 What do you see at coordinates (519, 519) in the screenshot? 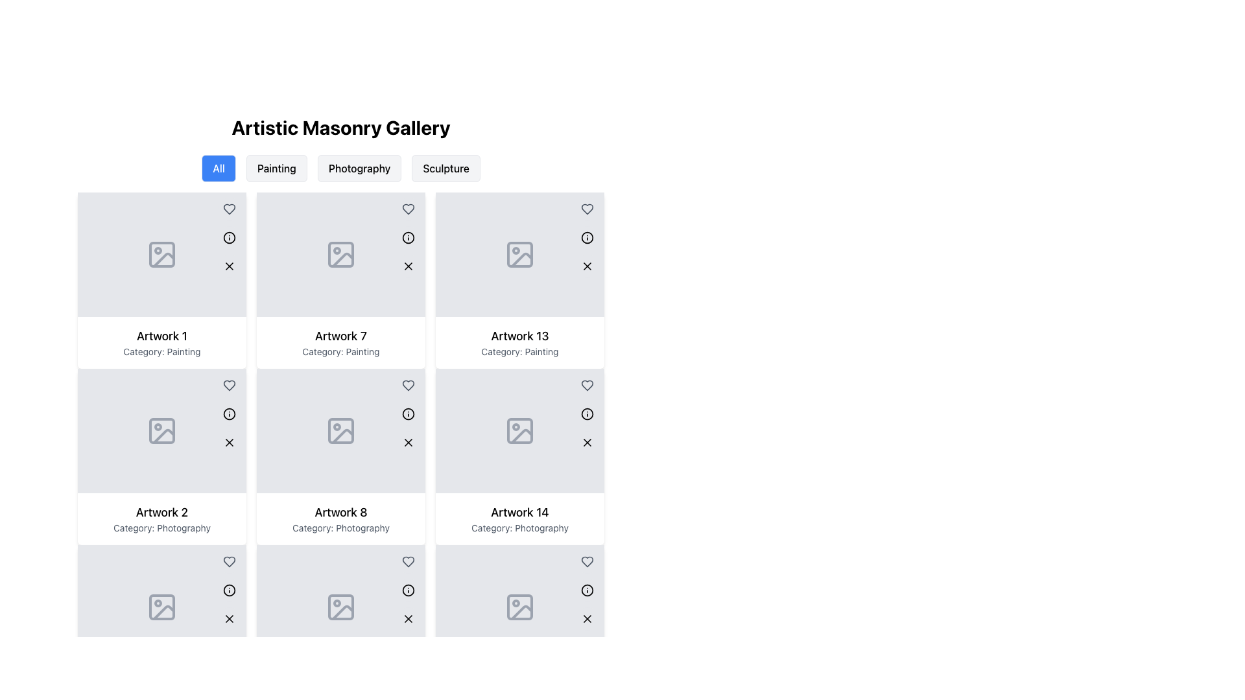
I see `the text block titled 'Artwork 14' with the subtitle 'Category: Photography'` at bounding box center [519, 519].